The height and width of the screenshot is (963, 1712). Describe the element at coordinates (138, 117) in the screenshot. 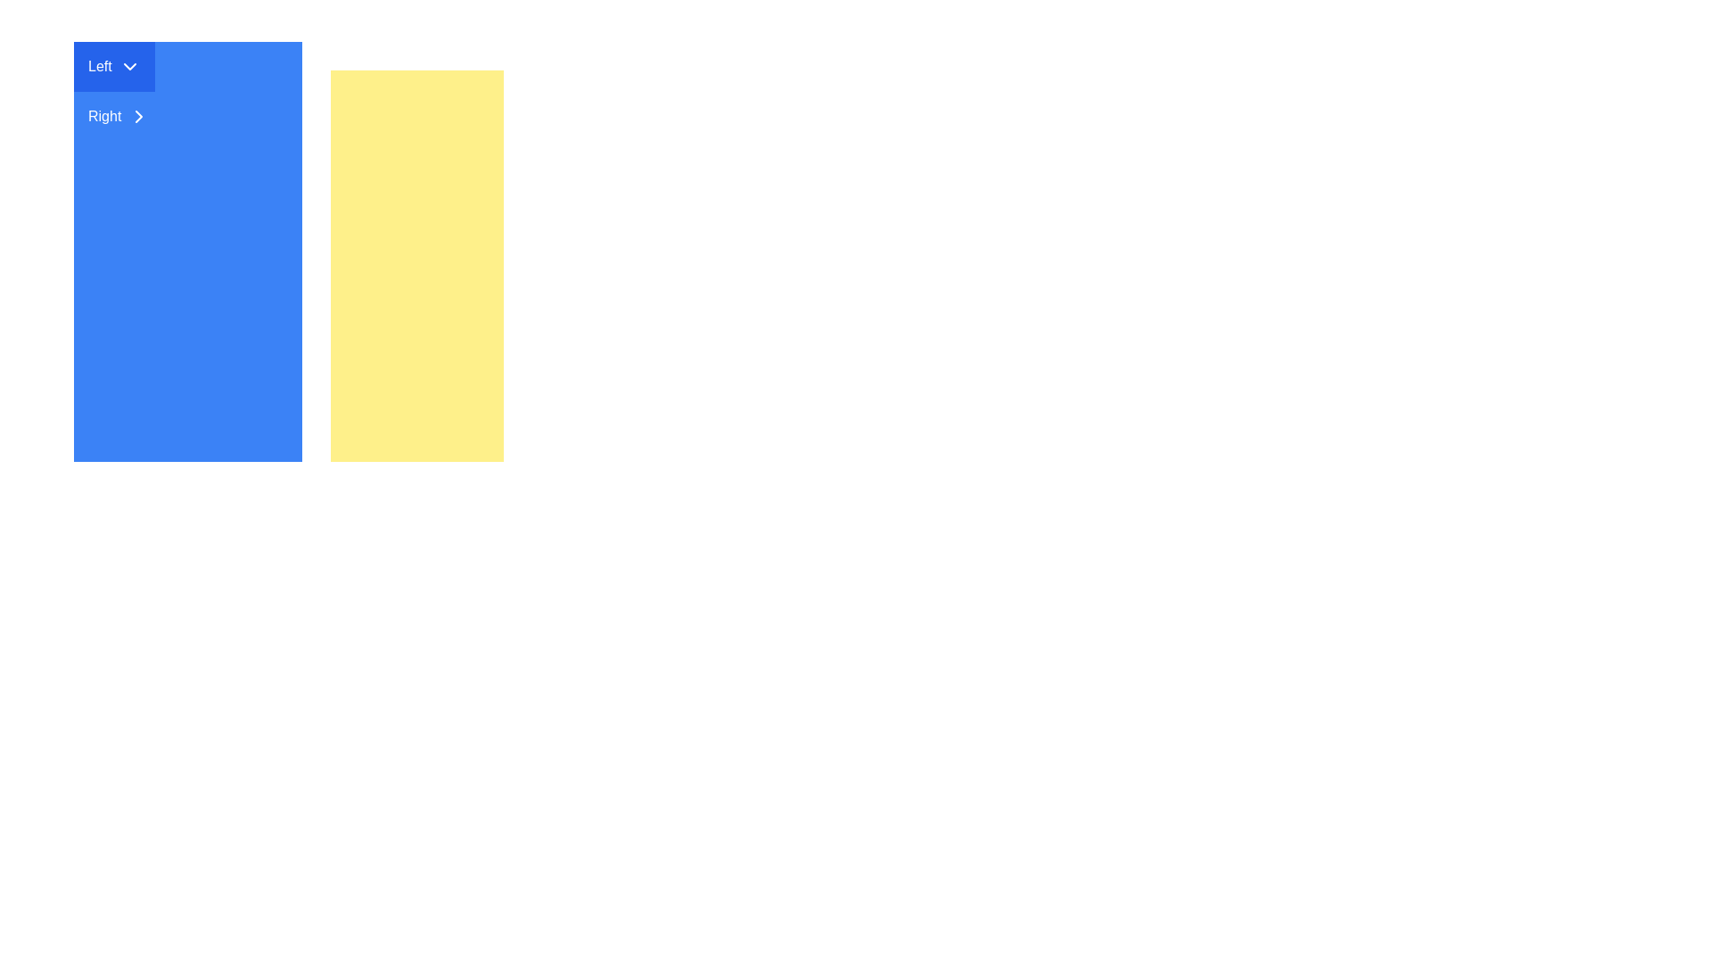

I see `the right-facing chevron icon, which is a white triangular arrow on a blue background, located to the right of the centered text 'Right' inside a blue rectangular button area` at that location.